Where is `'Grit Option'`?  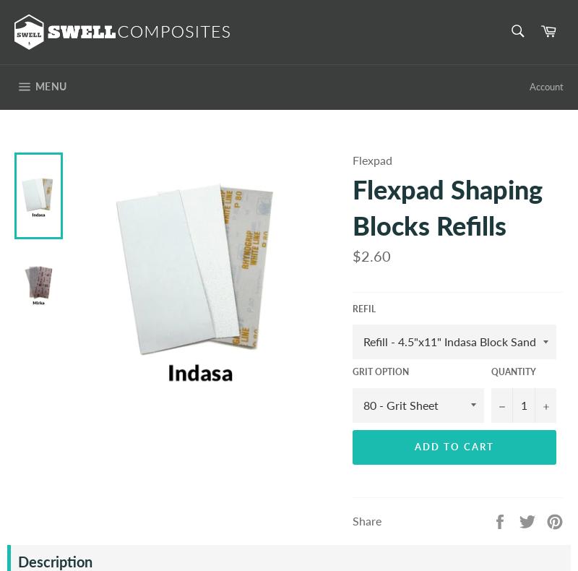
'Grit Option' is located at coordinates (353, 372).